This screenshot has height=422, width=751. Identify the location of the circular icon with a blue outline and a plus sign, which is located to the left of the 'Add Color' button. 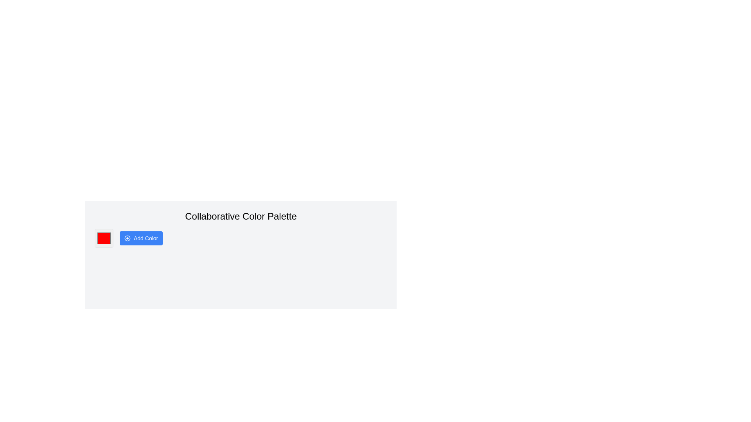
(128, 238).